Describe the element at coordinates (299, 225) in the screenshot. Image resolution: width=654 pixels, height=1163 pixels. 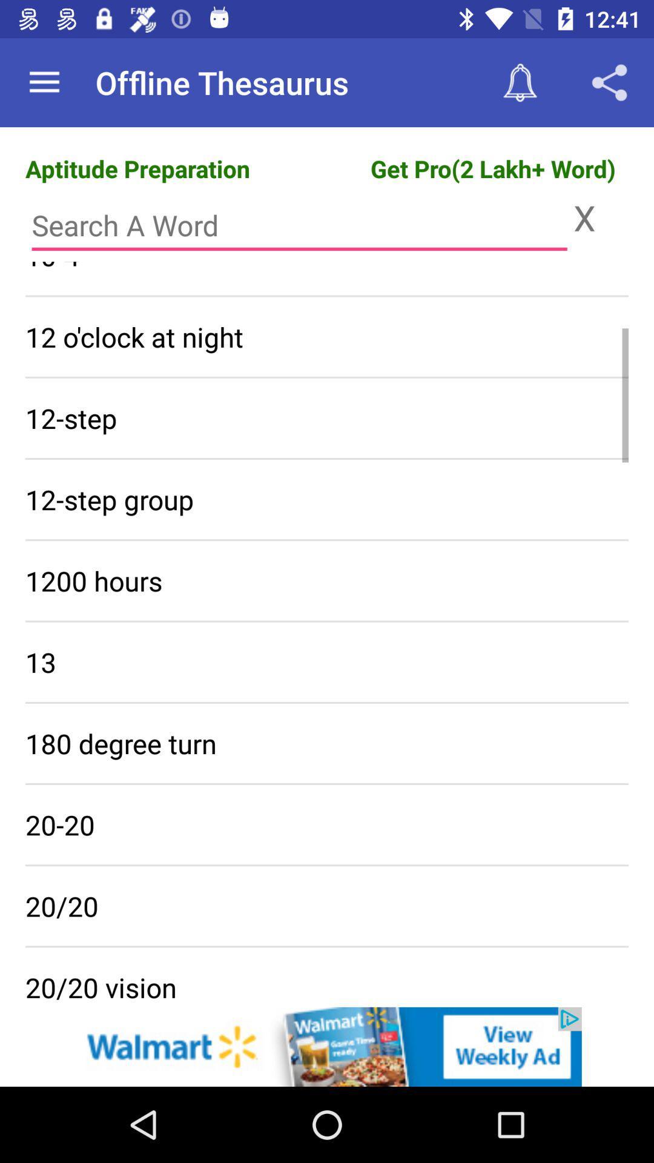
I see `search` at that location.